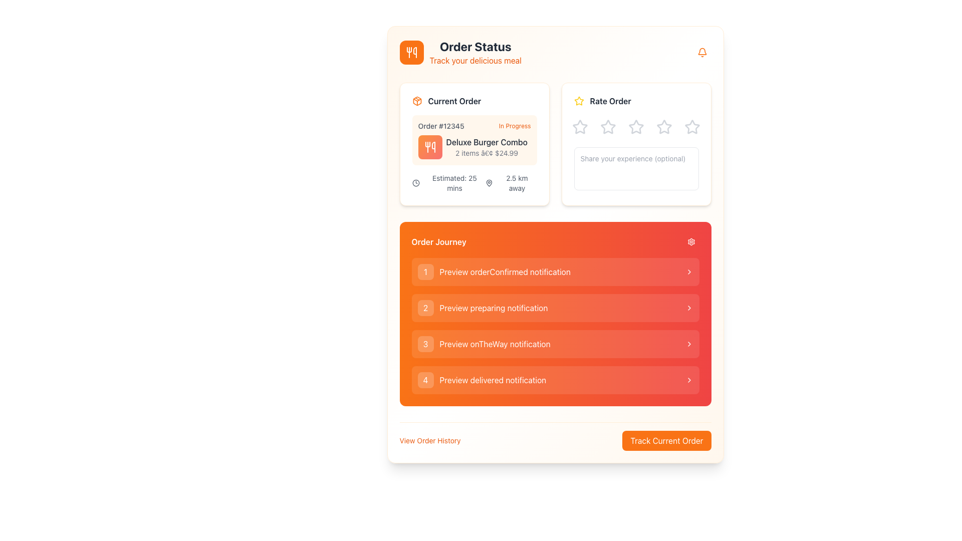 The image size is (962, 541). I want to click on text of the Title Section element that contains the title 'Order Status' and subtitle 'Track your delicious meal' to understand its purpose, so click(460, 52).